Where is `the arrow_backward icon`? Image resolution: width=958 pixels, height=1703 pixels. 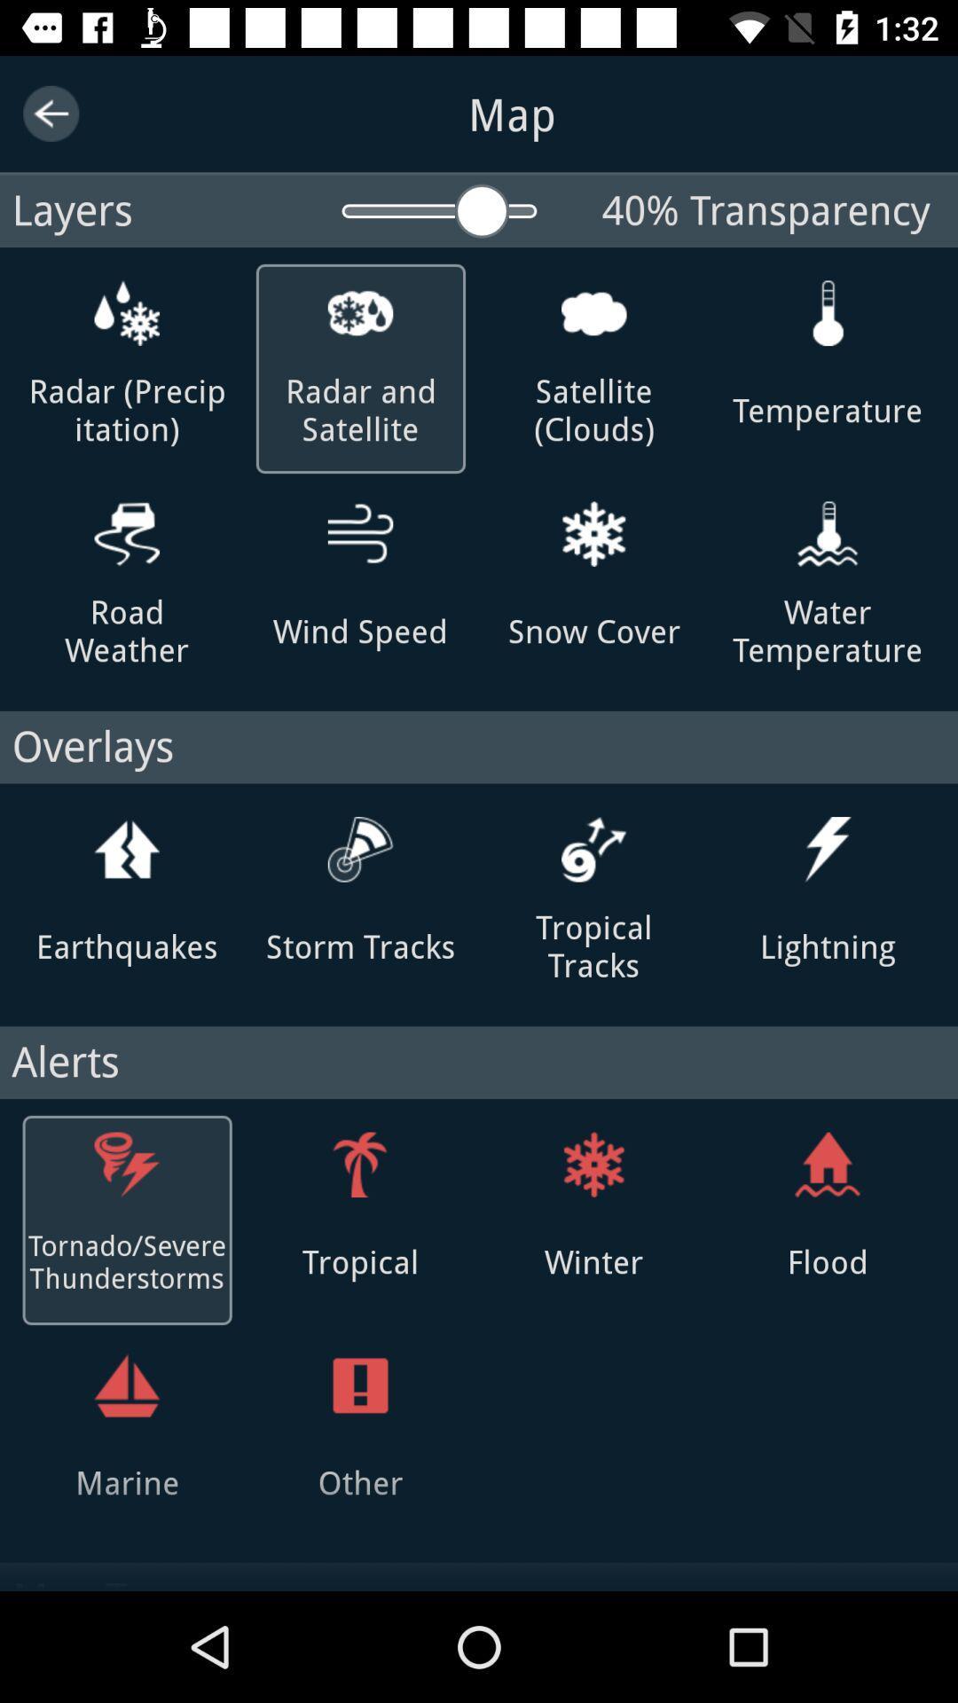 the arrow_backward icon is located at coordinates (50, 113).